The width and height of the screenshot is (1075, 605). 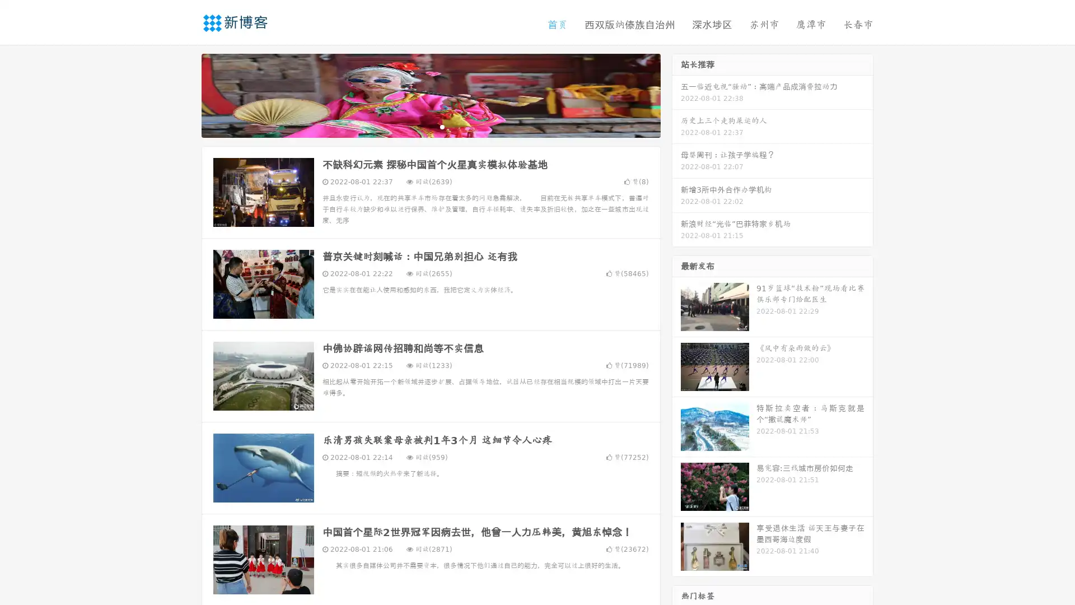 What do you see at coordinates (430, 126) in the screenshot?
I see `Go to slide 2` at bounding box center [430, 126].